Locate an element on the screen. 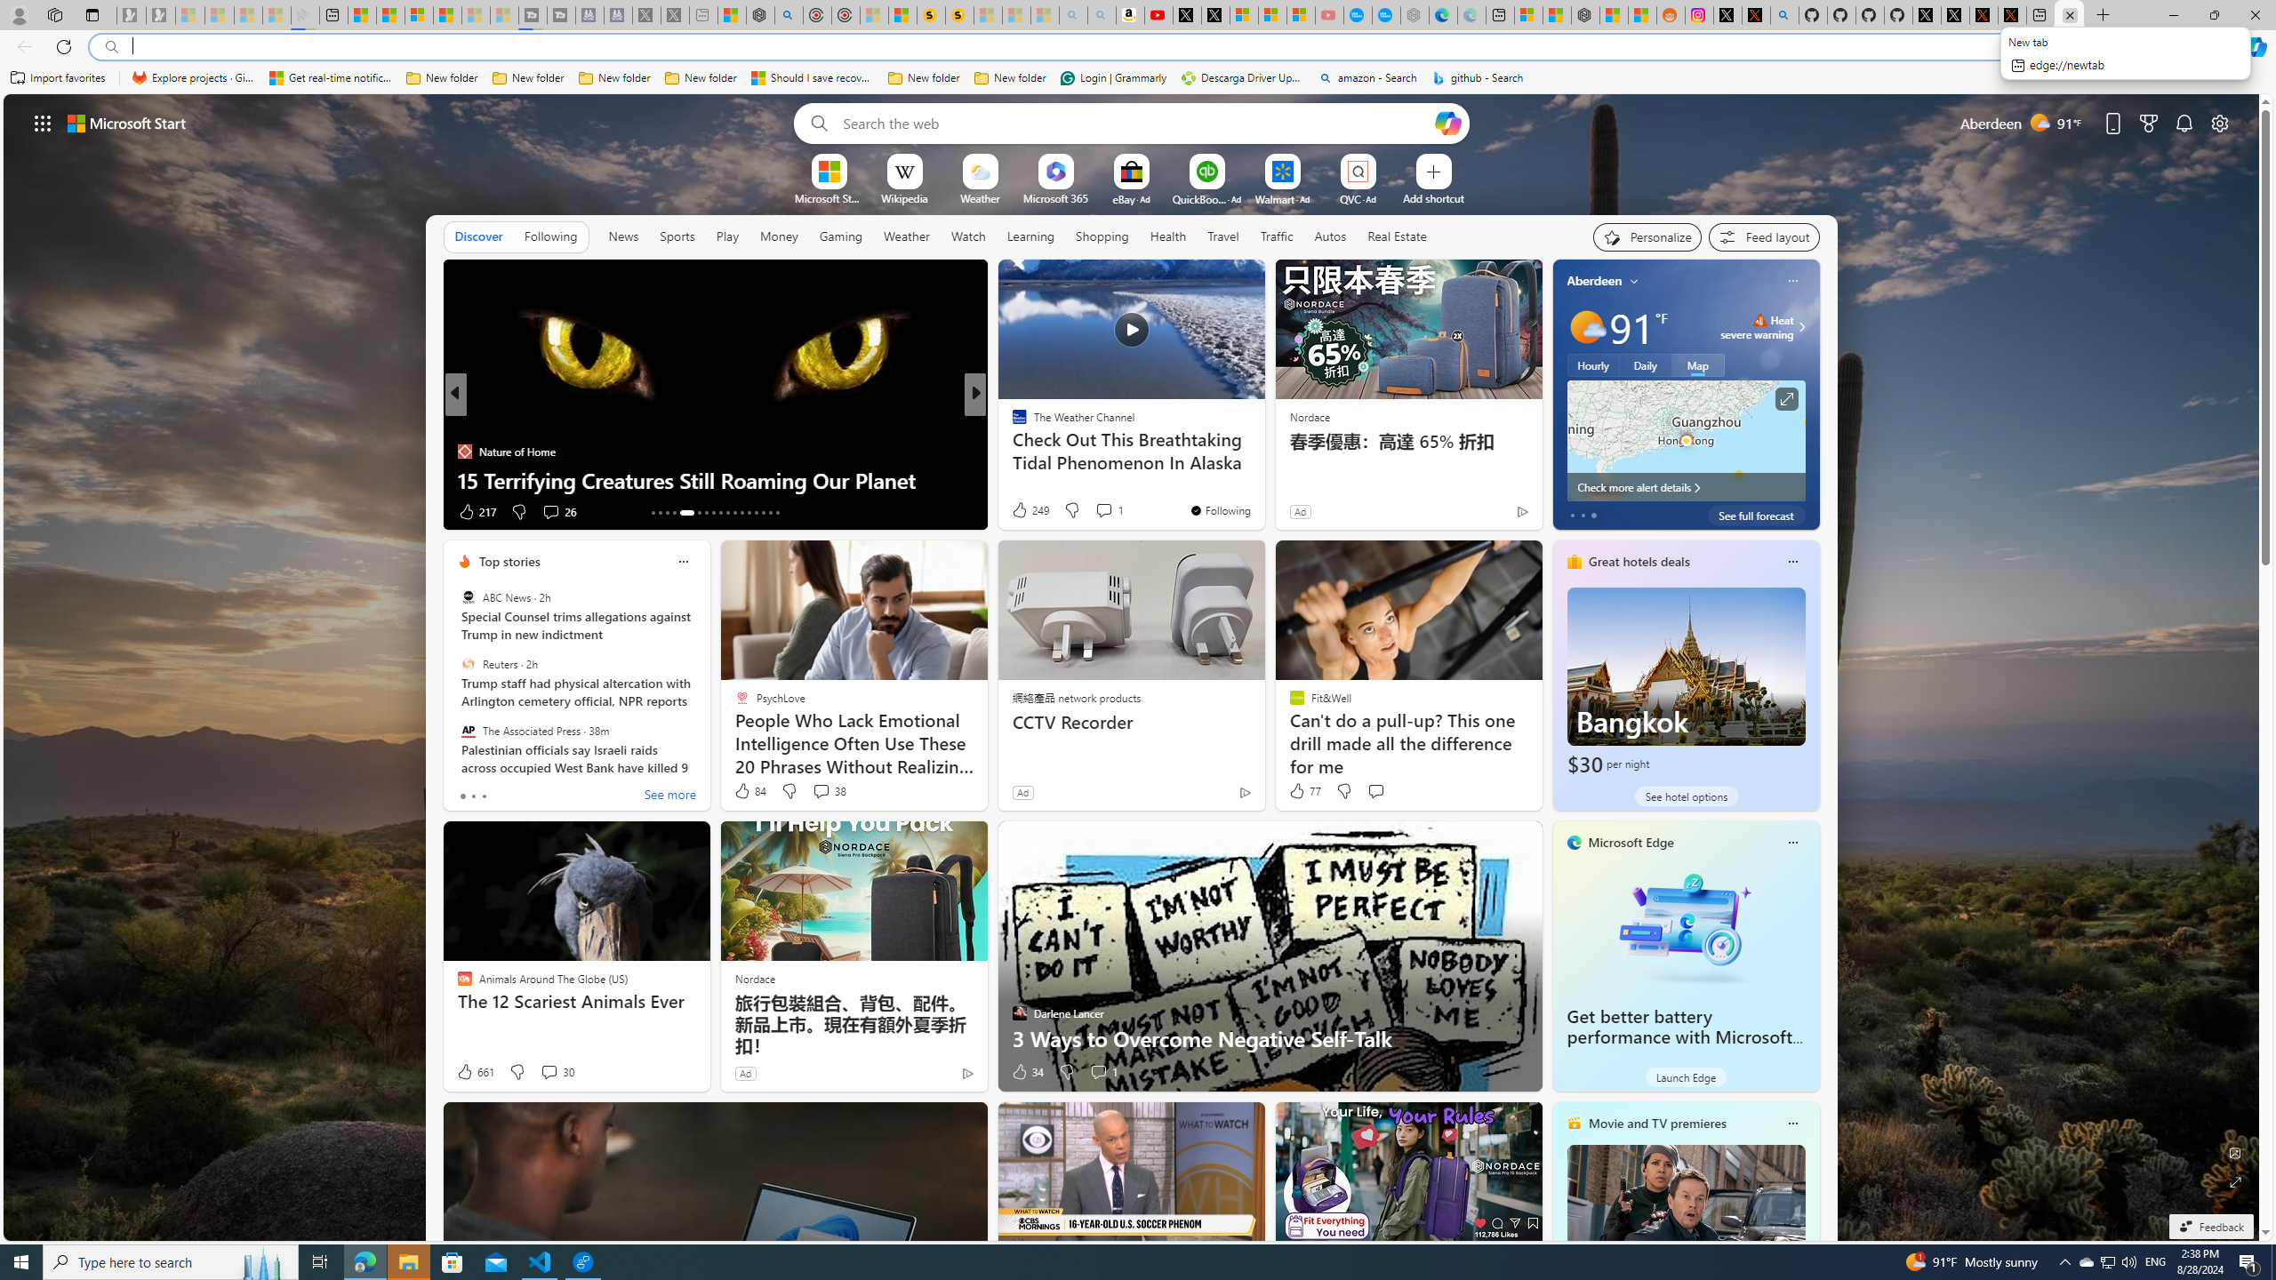  'AutomationID: tab-28' is located at coordinates (769, 513).